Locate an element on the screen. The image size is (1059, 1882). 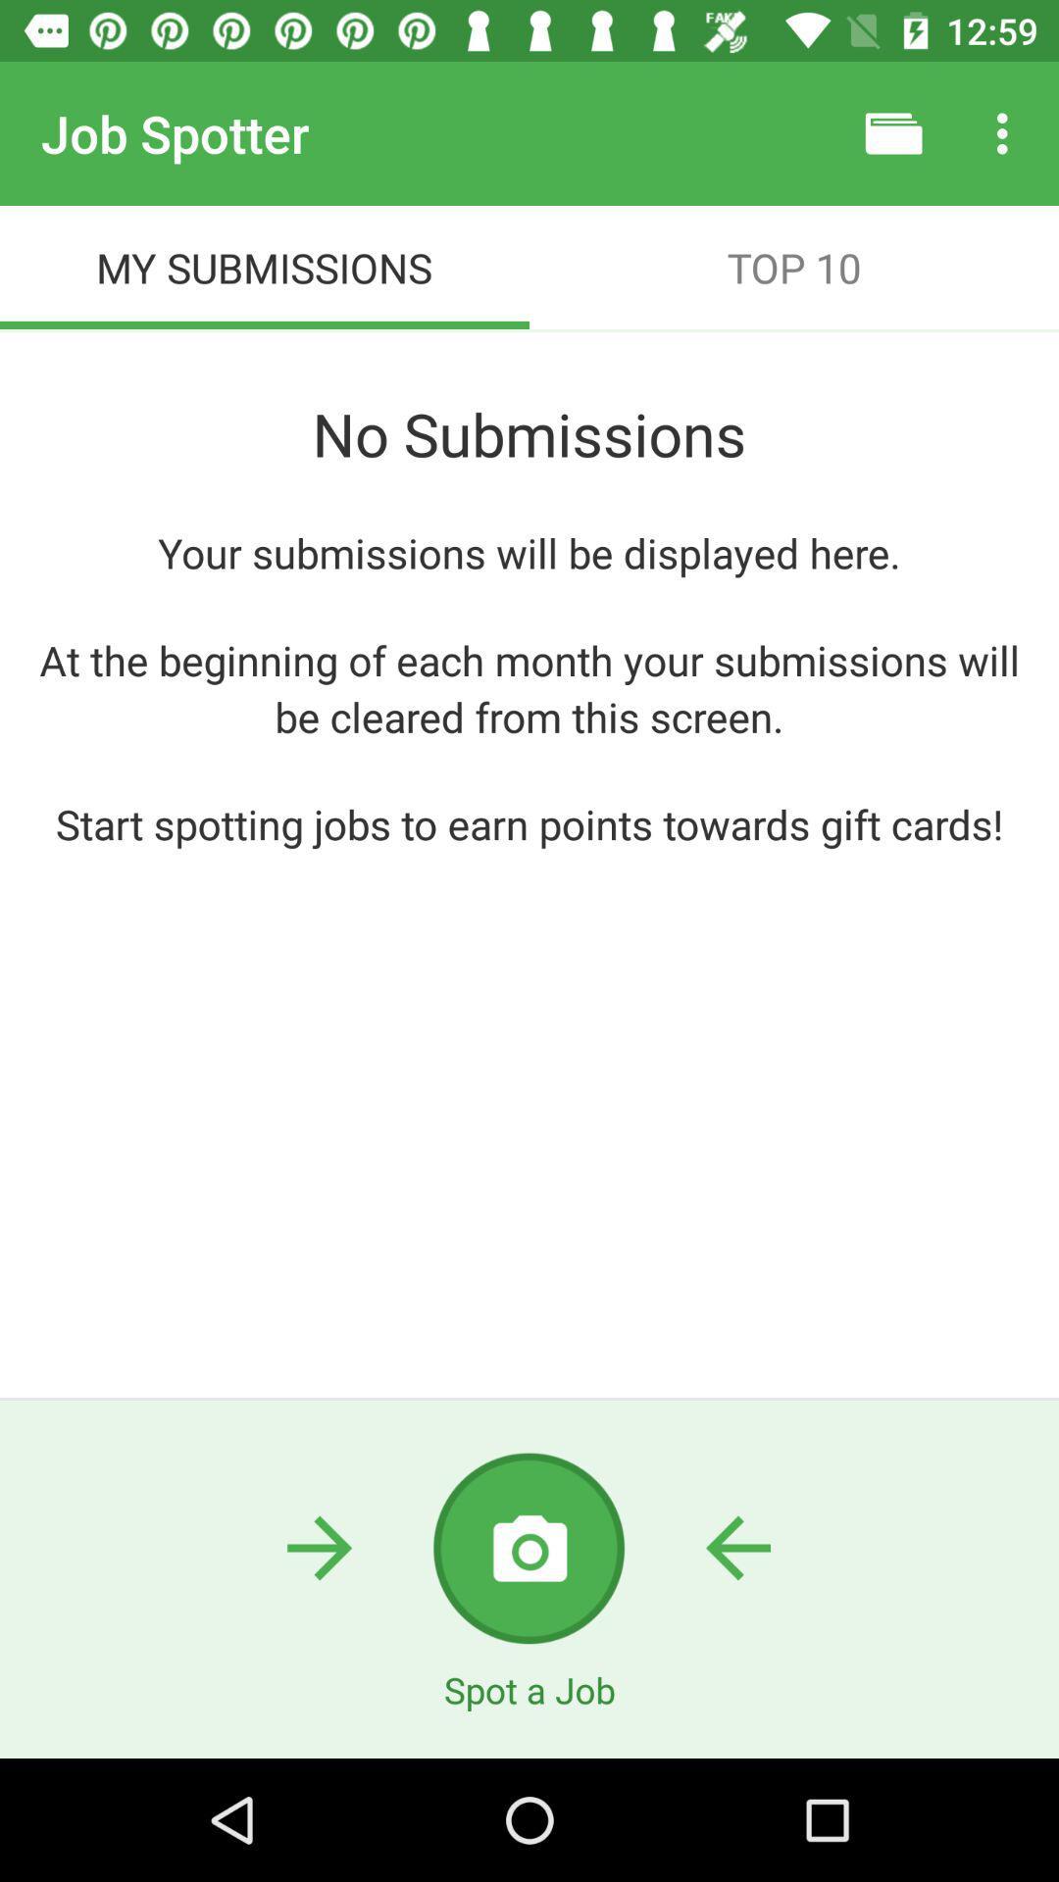
item above the spot a job is located at coordinates (528, 1547).